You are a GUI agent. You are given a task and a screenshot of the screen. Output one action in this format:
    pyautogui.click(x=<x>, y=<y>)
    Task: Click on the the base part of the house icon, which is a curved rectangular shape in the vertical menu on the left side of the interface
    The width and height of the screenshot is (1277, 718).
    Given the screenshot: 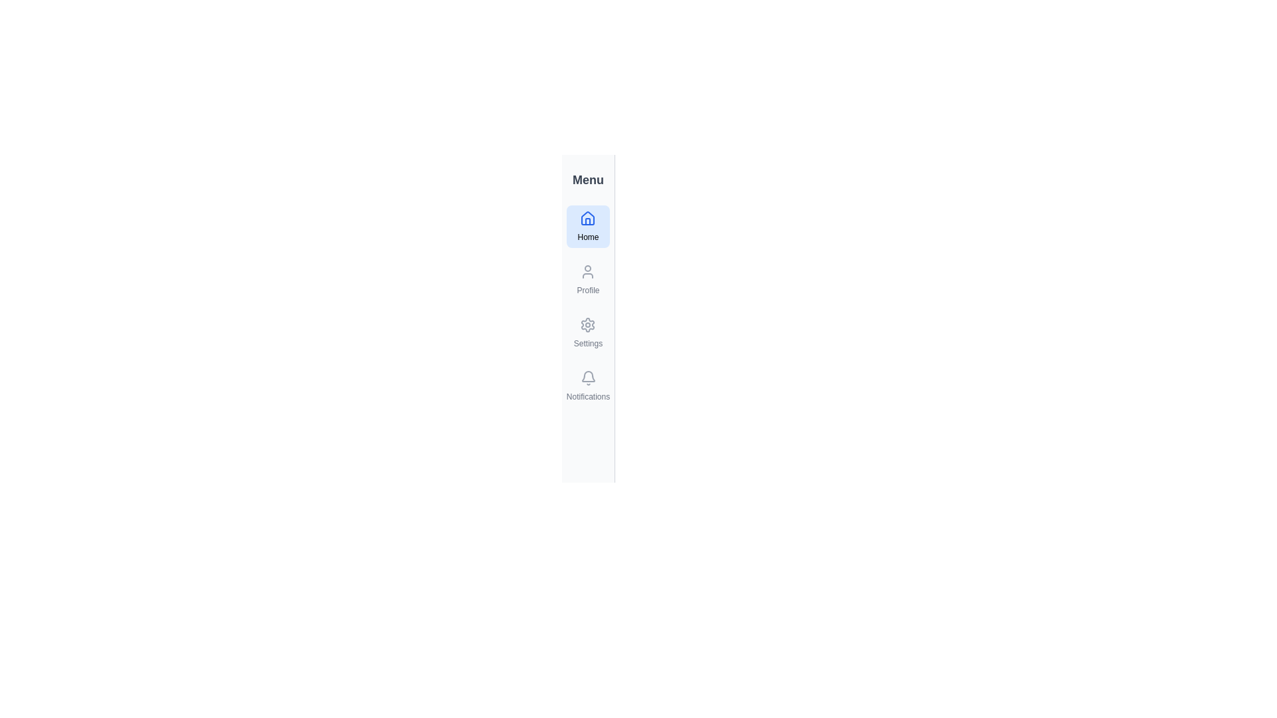 What is the action you would take?
    pyautogui.click(x=587, y=221)
    